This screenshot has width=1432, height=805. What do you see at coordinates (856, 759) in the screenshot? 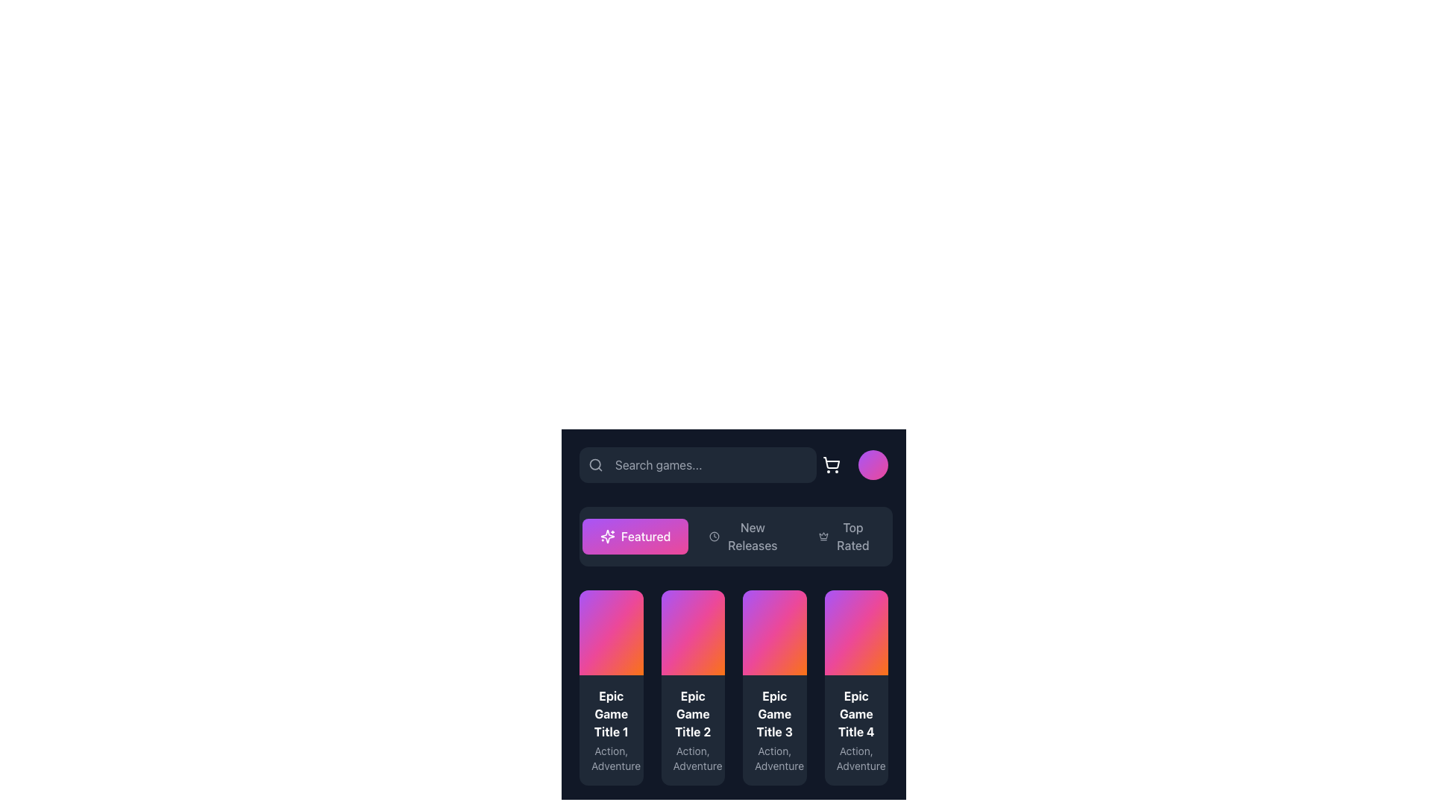
I see `text label displaying 'Action, Adventure' which is located below the title 'Epic Game Title 4' in the fourth card of a horizontal list` at bounding box center [856, 759].